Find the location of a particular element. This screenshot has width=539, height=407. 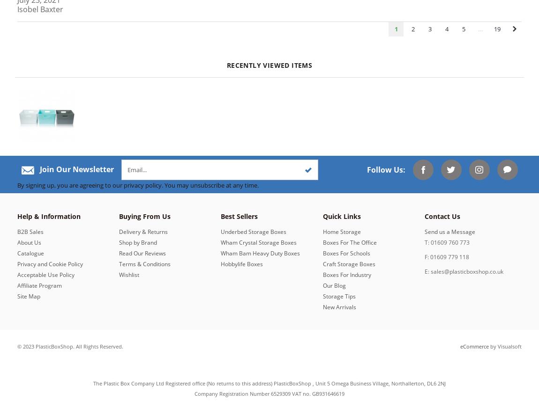

'Boxes For The Office' is located at coordinates (349, 241).